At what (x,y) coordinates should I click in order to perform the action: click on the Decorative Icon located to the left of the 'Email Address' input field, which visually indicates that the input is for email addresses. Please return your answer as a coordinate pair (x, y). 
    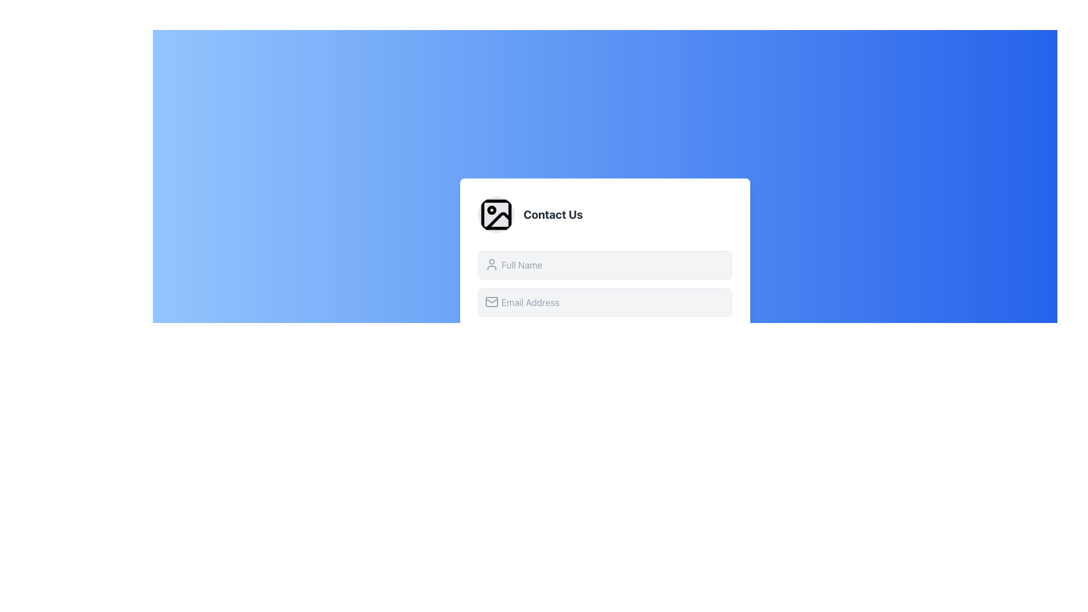
    Looking at the image, I should click on (492, 301).